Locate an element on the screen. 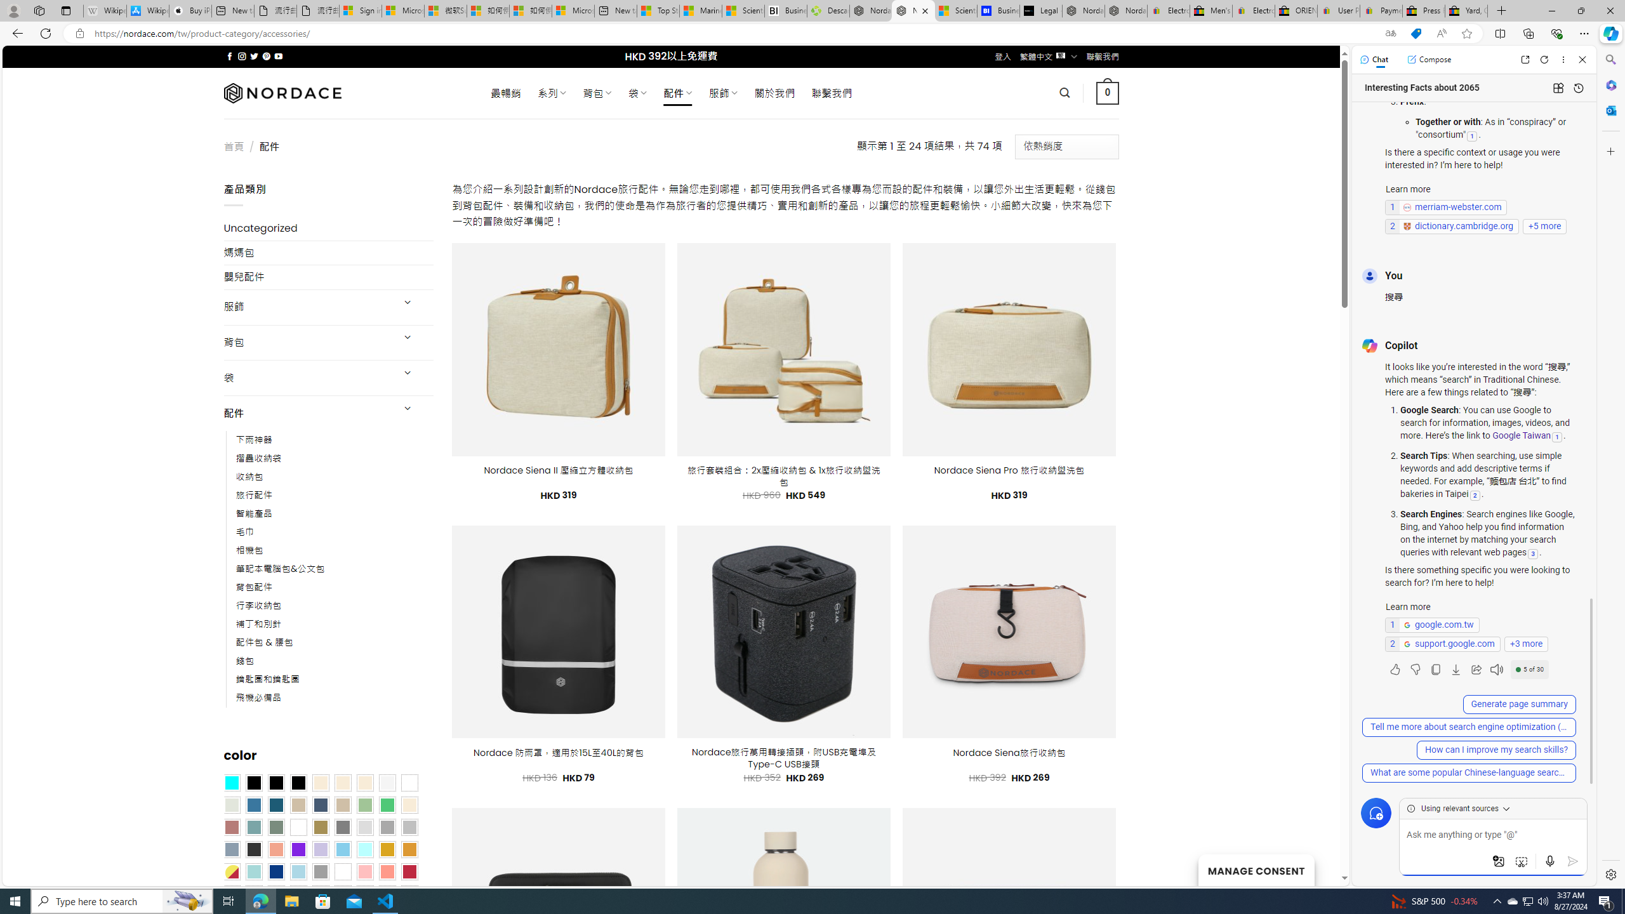  'Cream' is located at coordinates (365, 783).